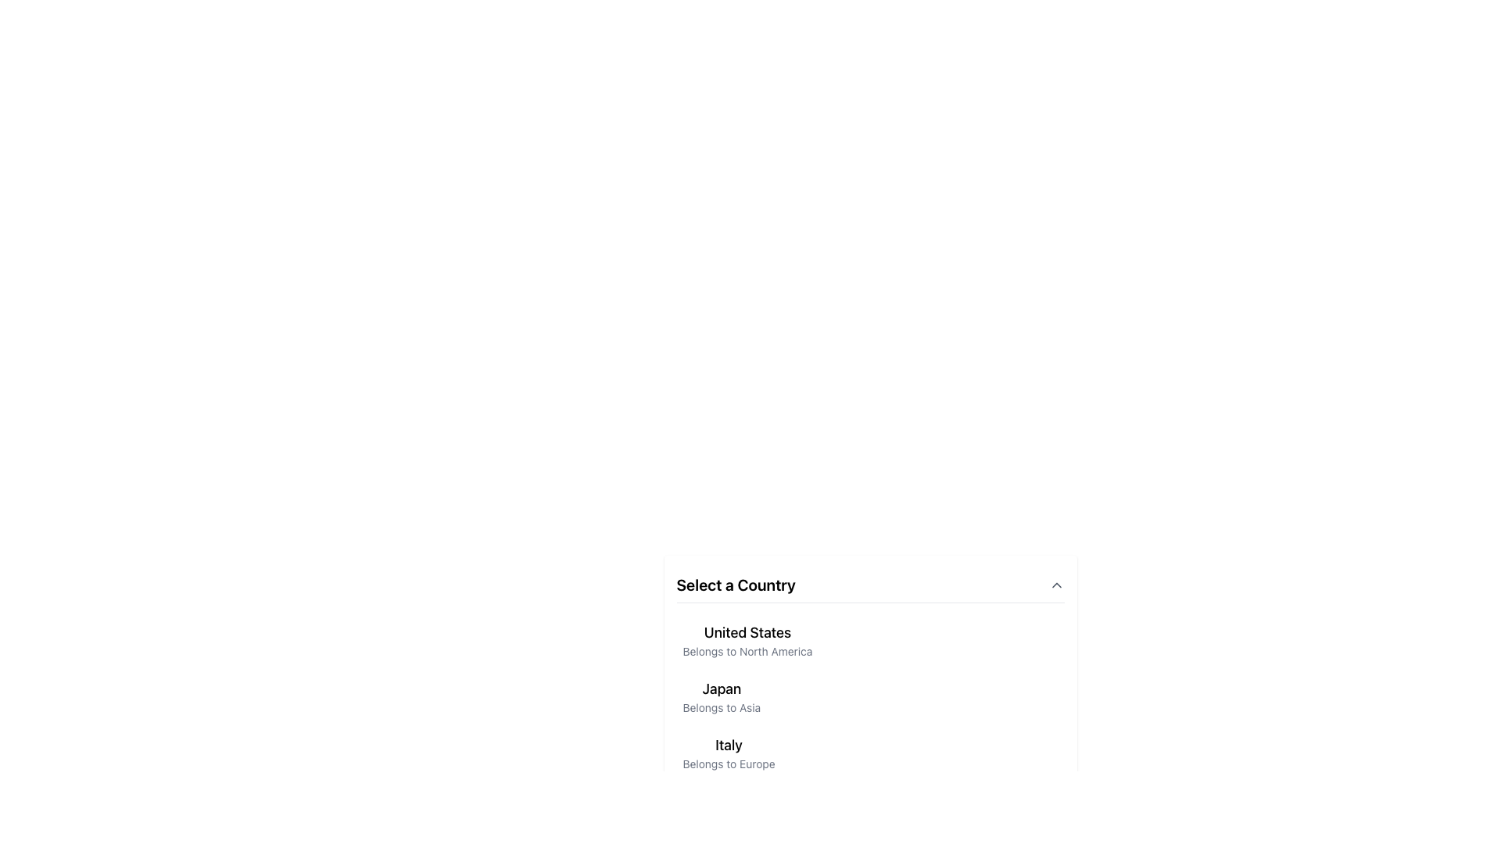  Describe the element at coordinates (869, 696) in the screenshot. I see `the second list item in the 'Select a Country' dropdown, which displays a country name followed by its continent description` at that location.